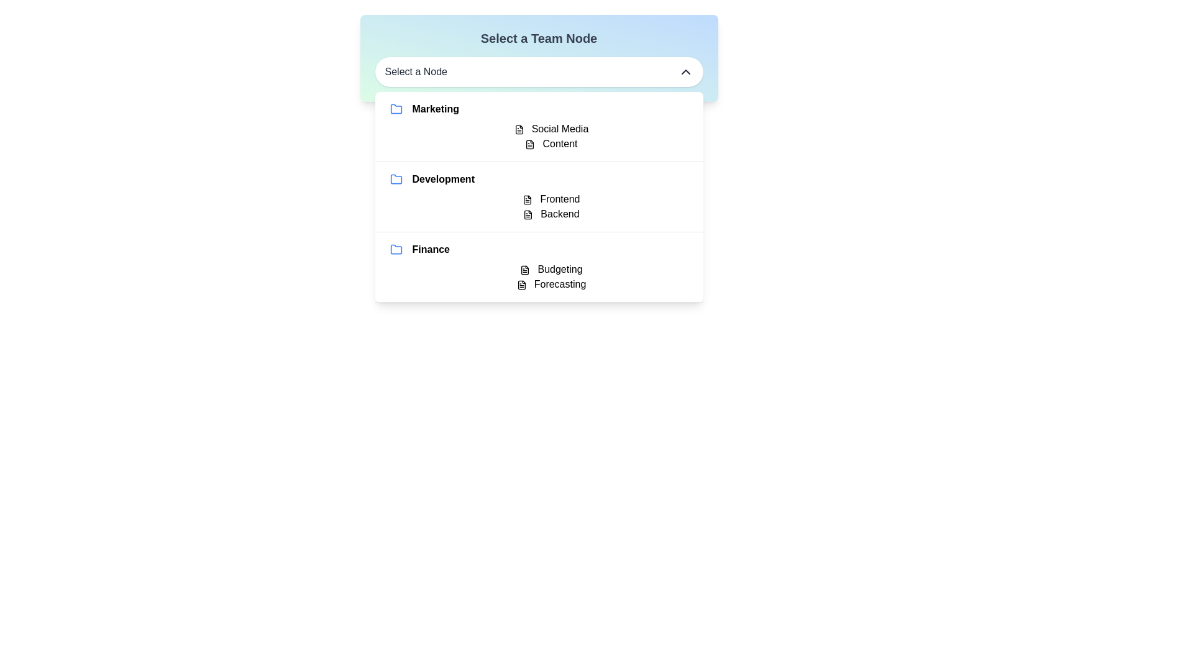 This screenshot has height=671, width=1193. Describe the element at coordinates (528, 199) in the screenshot. I see `the icon representing the 'Frontend' item in the 'Development' section, which visually indicates the associated document or file` at that location.